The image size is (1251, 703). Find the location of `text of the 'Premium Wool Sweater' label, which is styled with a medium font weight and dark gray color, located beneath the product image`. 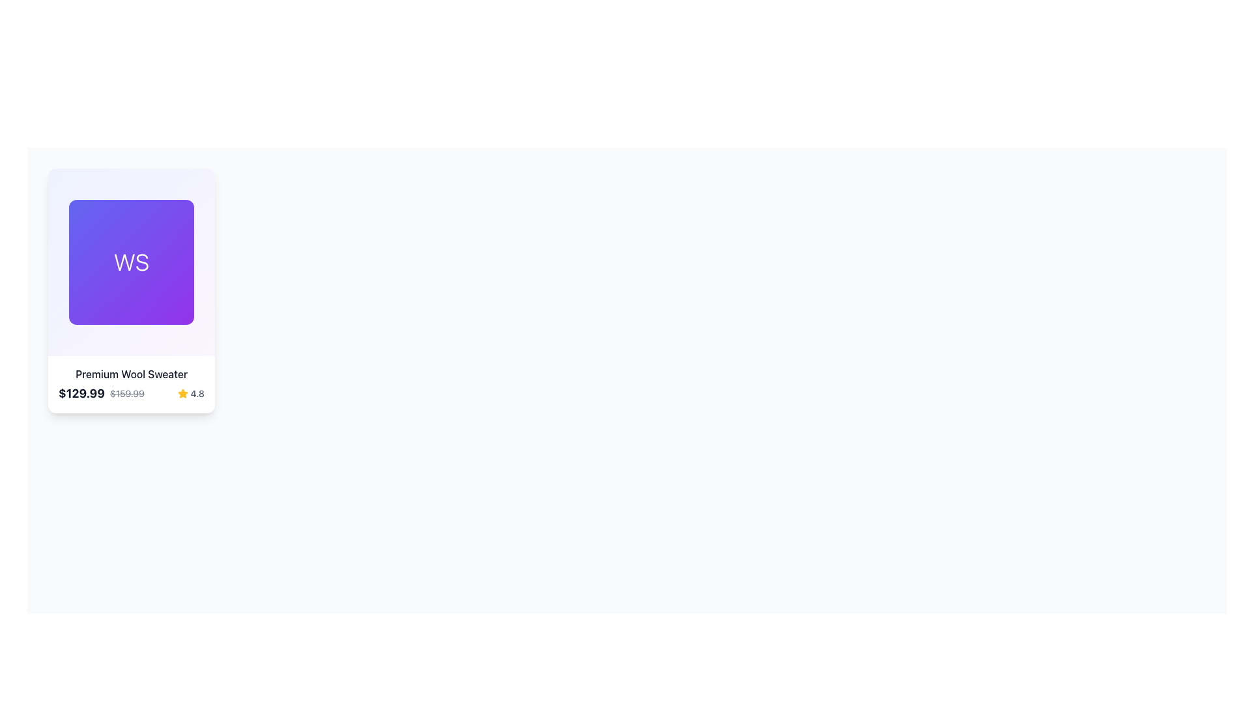

text of the 'Premium Wool Sweater' label, which is styled with a medium font weight and dark gray color, located beneath the product image is located at coordinates (131, 374).